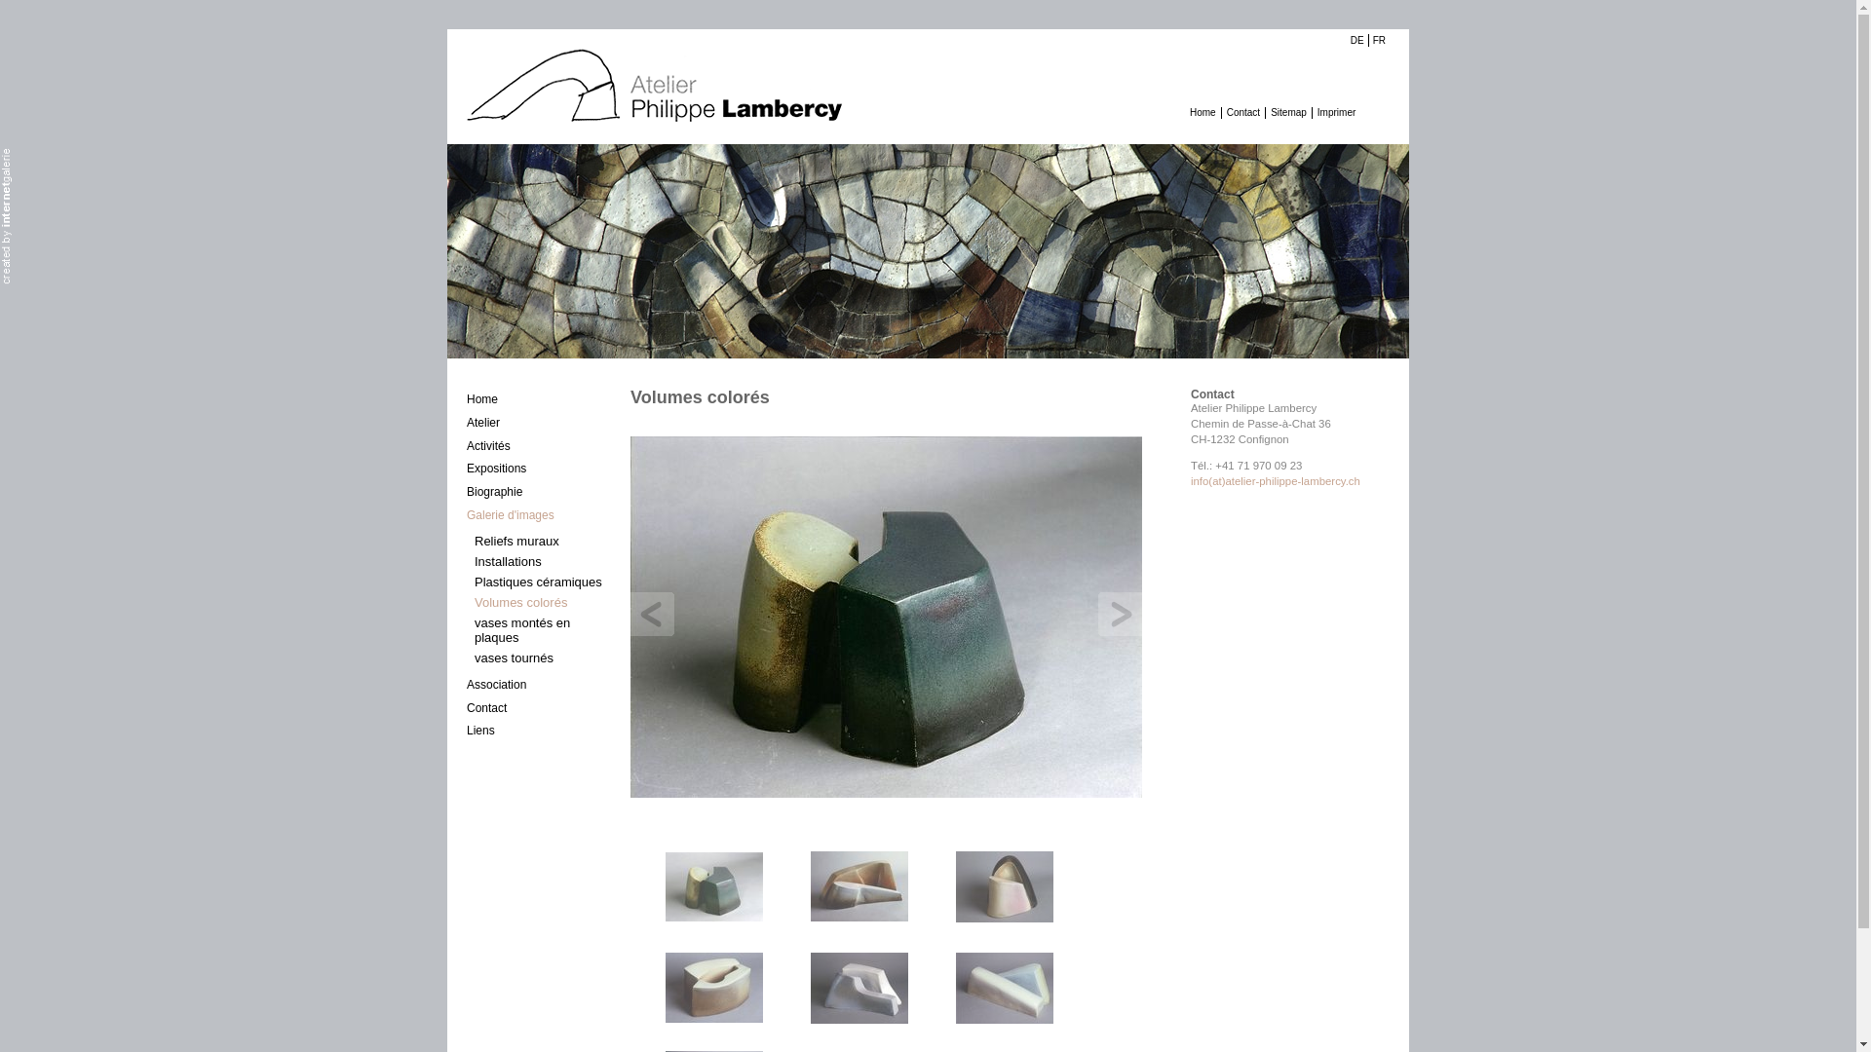 The image size is (1871, 1052). Describe the element at coordinates (538, 683) in the screenshot. I see `'Association'` at that location.